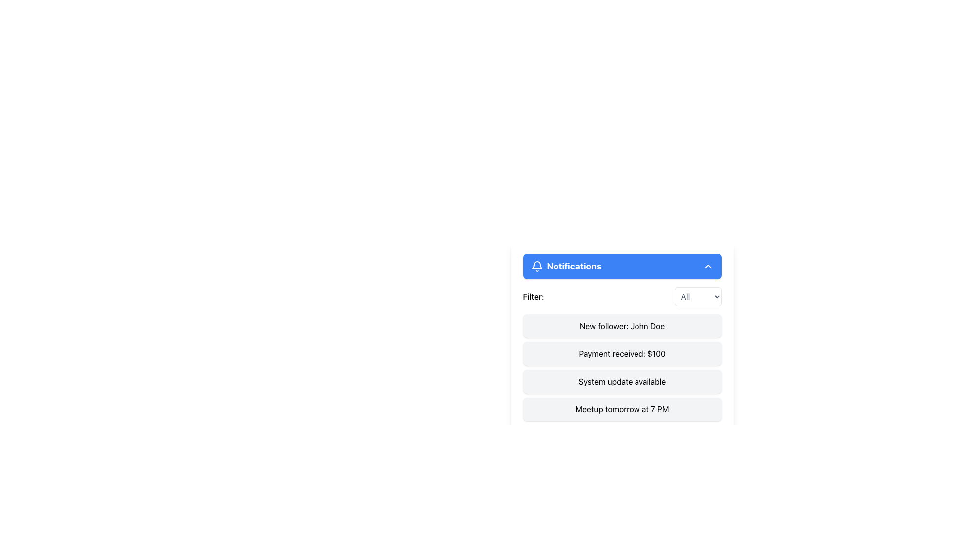 Image resolution: width=954 pixels, height=536 pixels. I want to click on the notification entry informing the user about a new follower (John Doe) located in the centered notification panel, which is the first notification item in the list, so click(622, 336).